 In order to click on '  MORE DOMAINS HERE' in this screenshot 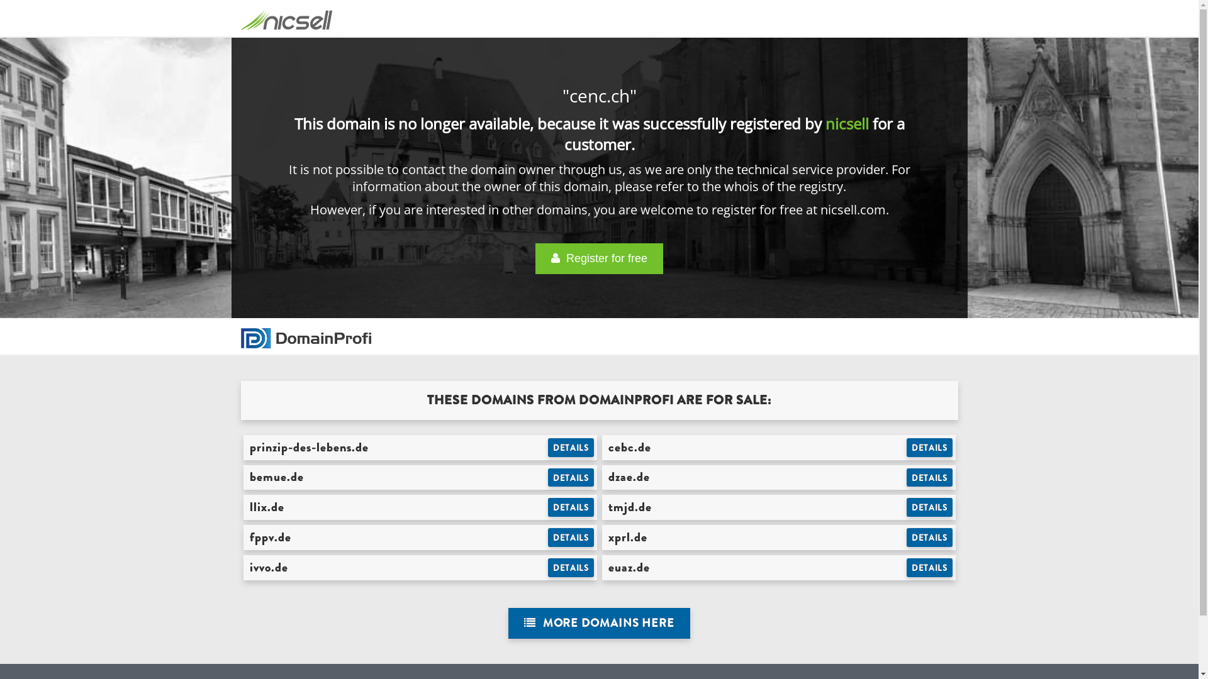, I will do `click(508, 623)`.